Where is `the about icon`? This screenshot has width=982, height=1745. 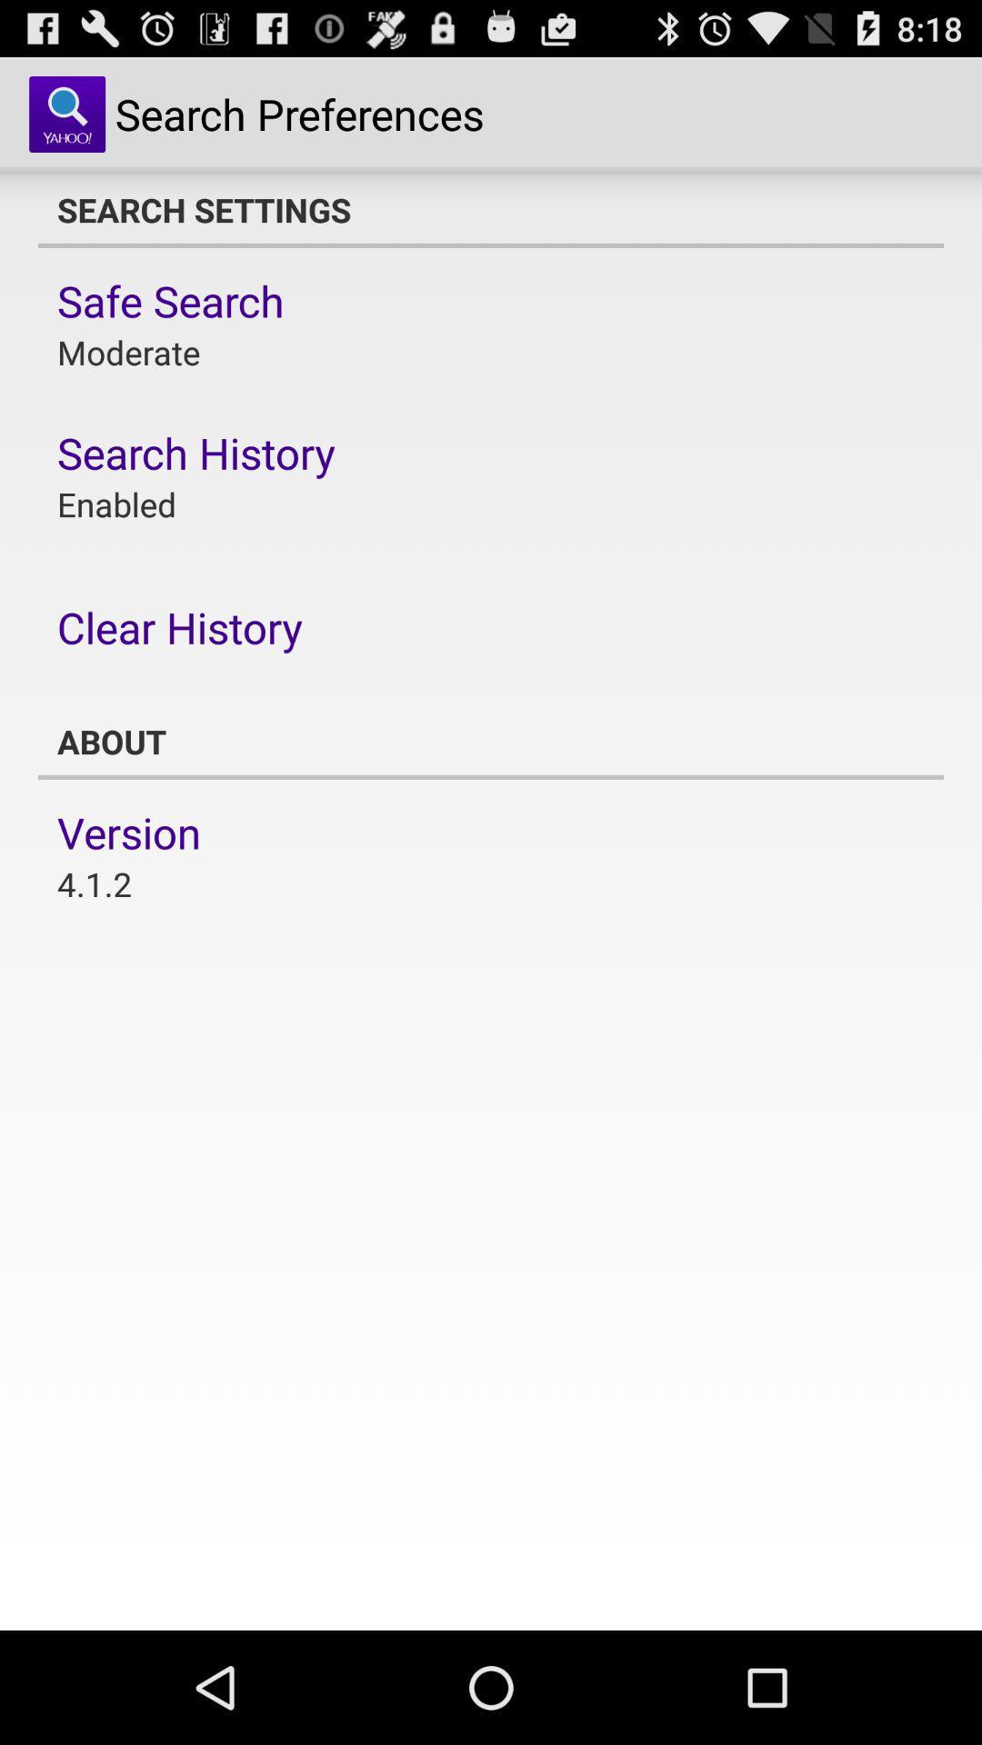 the about icon is located at coordinates (491, 742).